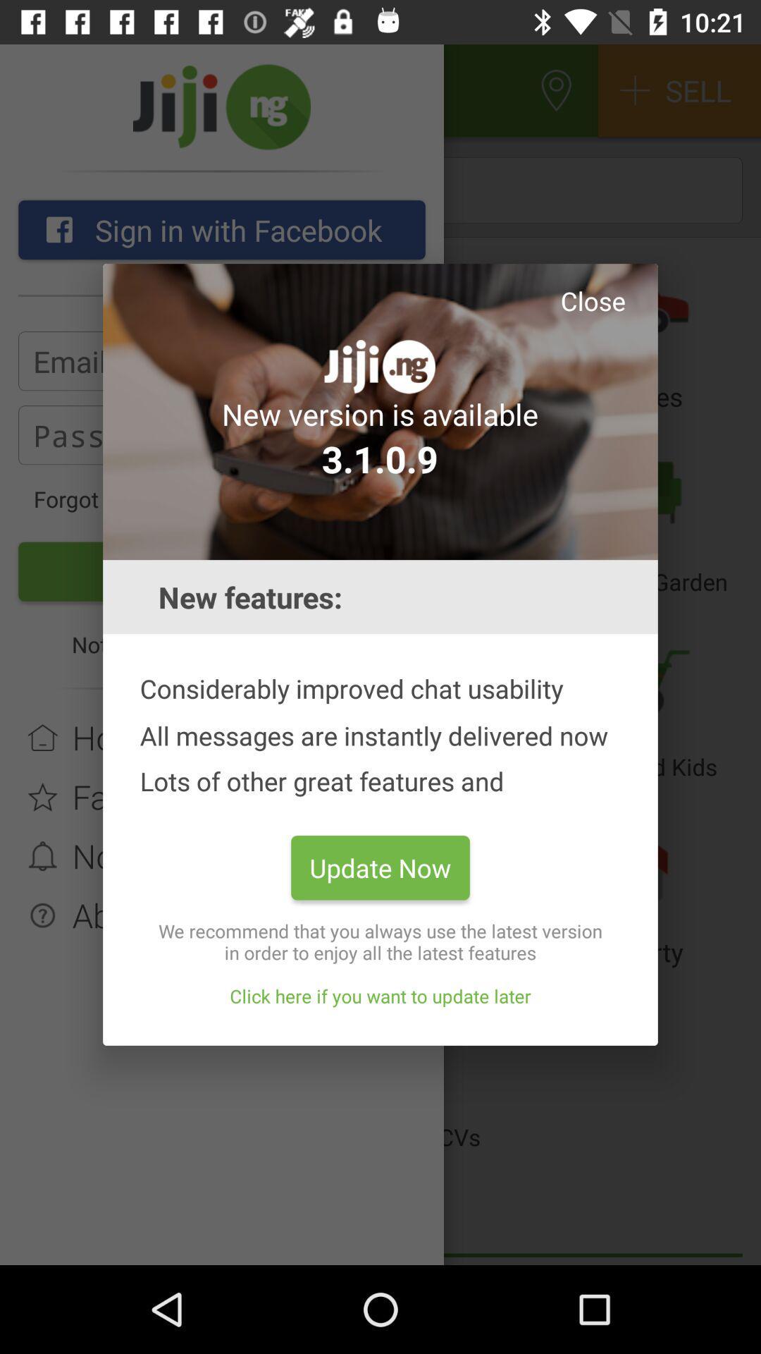  Describe the element at coordinates (593, 300) in the screenshot. I see `the close app` at that location.